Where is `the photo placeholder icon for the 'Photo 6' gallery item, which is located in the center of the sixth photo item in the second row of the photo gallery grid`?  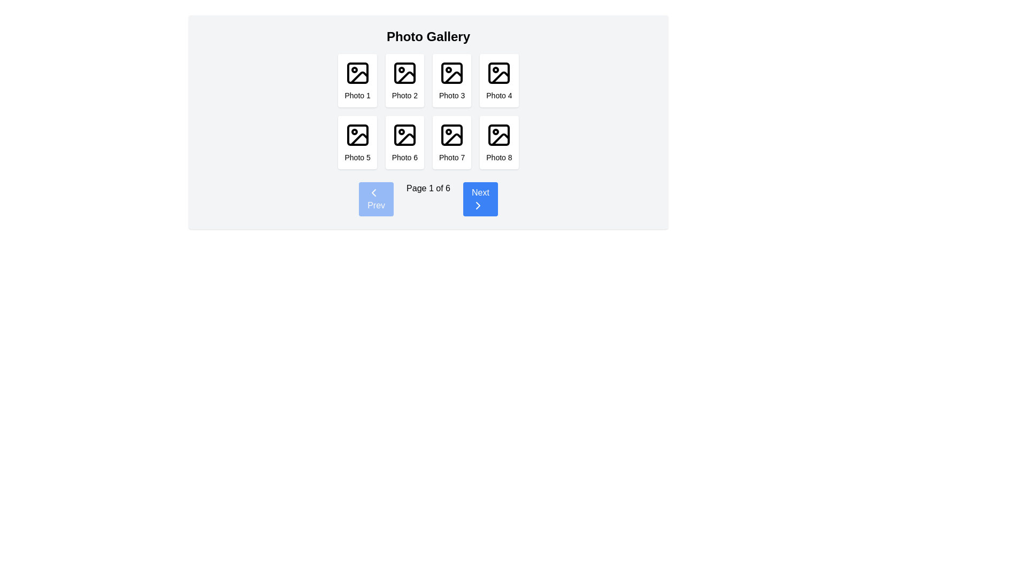 the photo placeholder icon for the 'Photo 6' gallery item, which is located in the center of the sixth photo item in the second row of the photo gallery grid is located at coordinates (404, 135).